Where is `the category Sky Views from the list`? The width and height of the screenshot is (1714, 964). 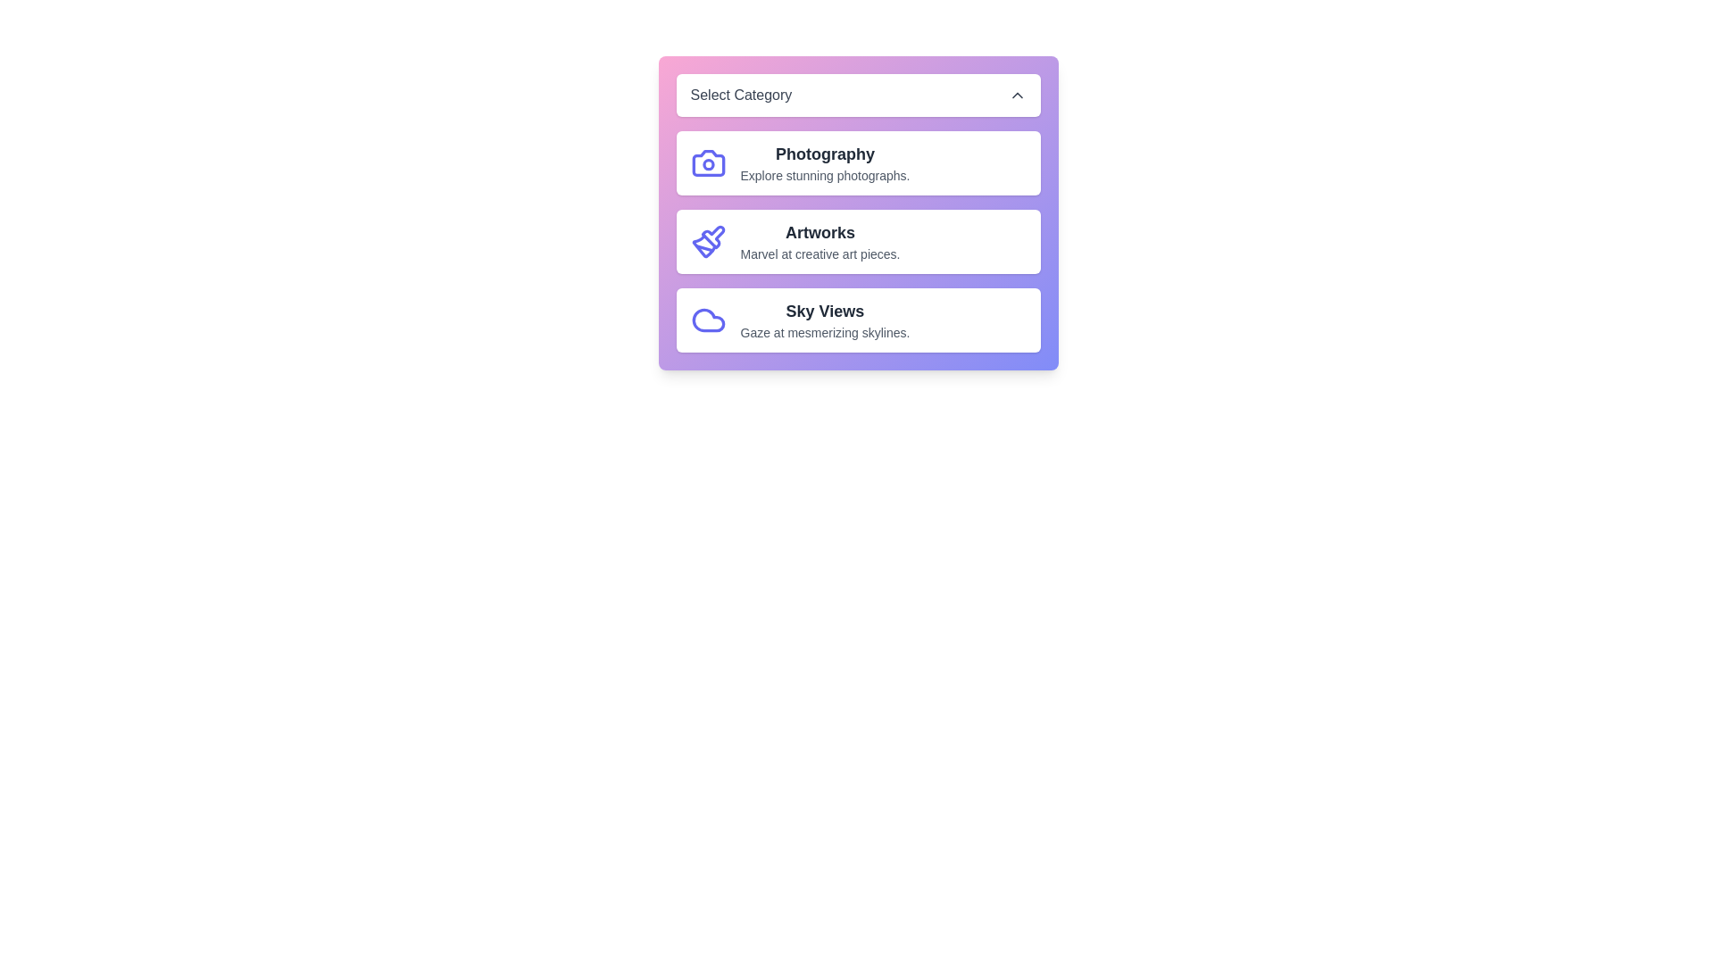 the category Sky Views from the list is located at coordinates (858, 319).